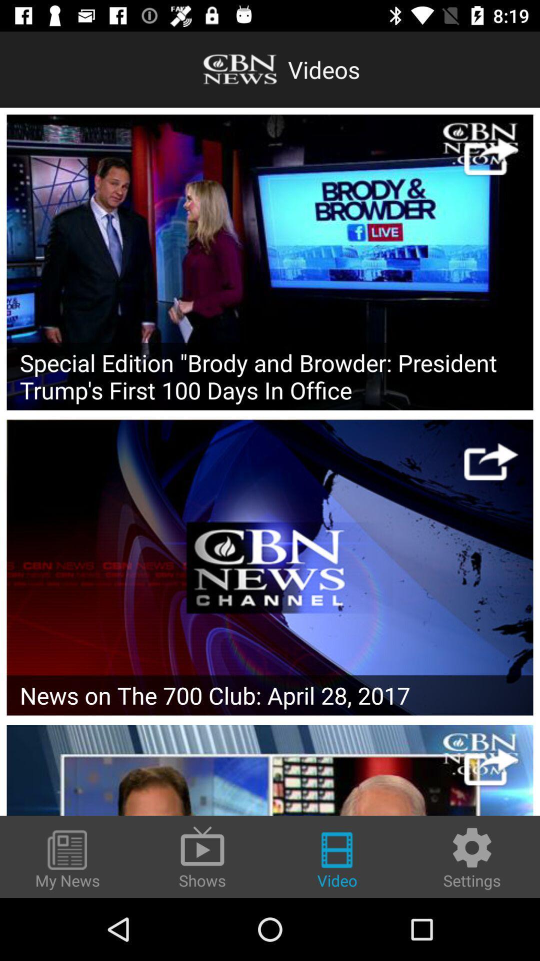 The height and width of the screenshot is (961, 540). I want to click on the special edition brody, so click(270, 376).